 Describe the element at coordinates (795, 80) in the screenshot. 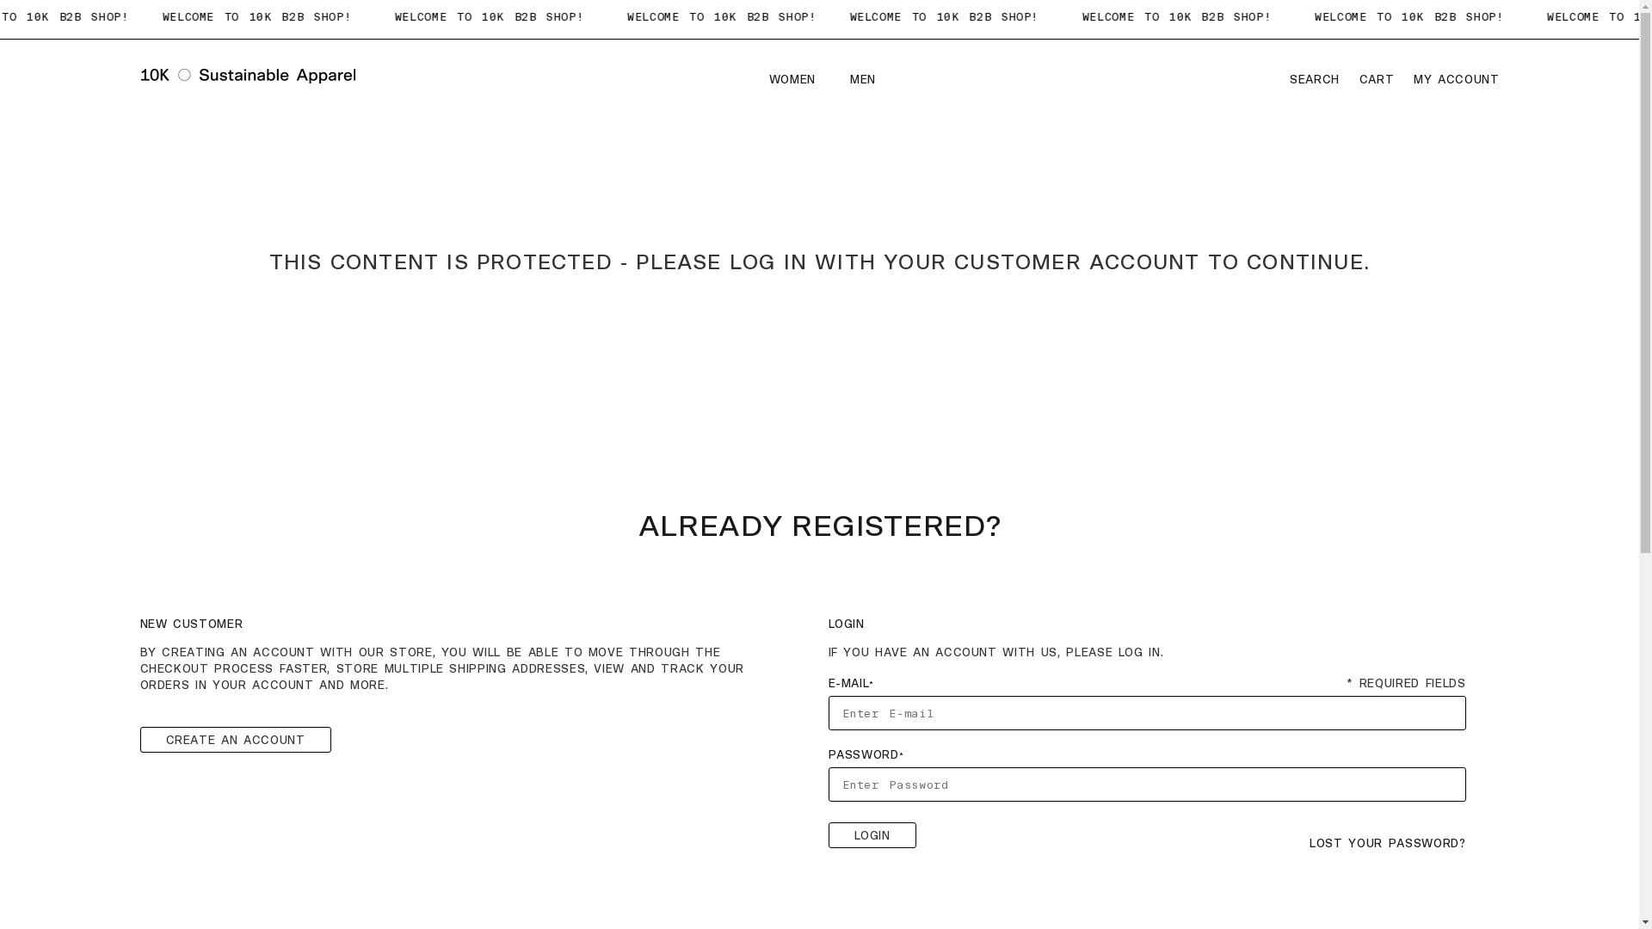

I see `'WOMEN'` at that location.